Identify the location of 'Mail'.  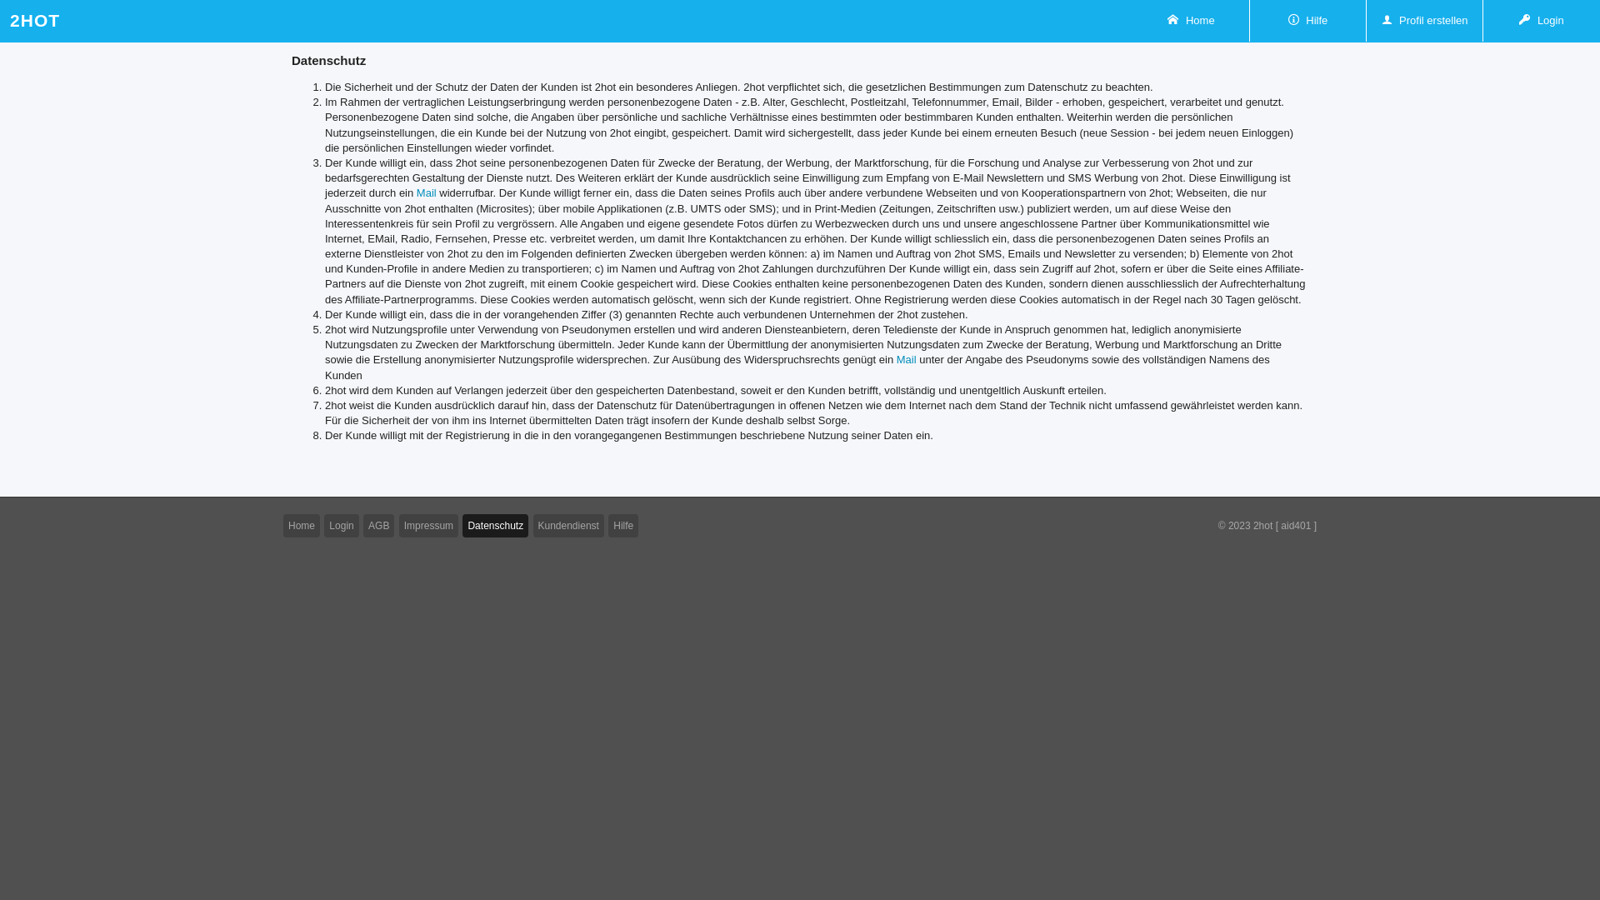
(906, 358).